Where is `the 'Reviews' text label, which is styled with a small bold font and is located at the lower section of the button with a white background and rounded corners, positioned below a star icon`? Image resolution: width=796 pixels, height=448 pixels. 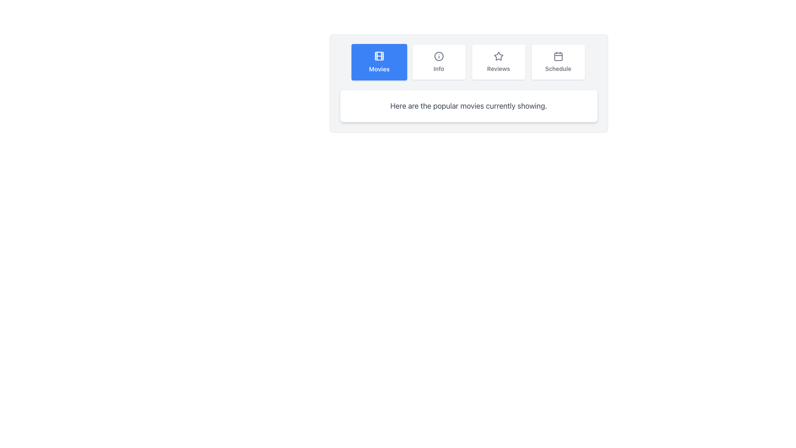 the 'Reviews' text label, which is styled with a small bold font and is located at the lower section of the button with a white background and rounded corners, positioned below a star icon is located at coordinates (498, 68).